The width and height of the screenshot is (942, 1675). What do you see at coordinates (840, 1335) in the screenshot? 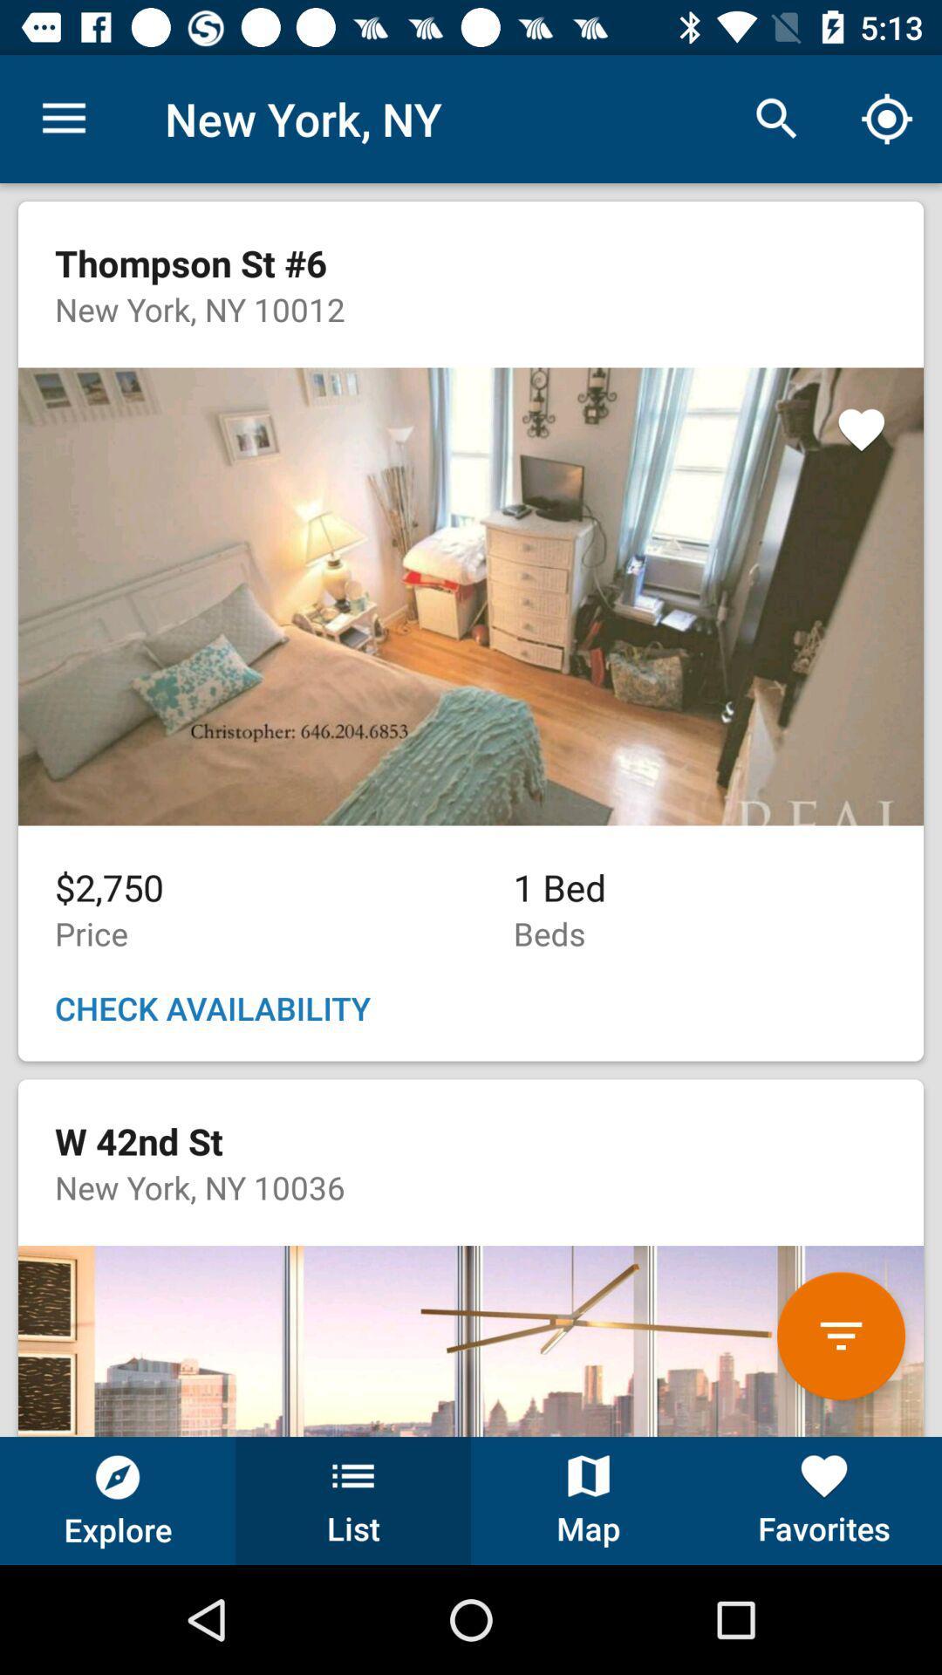
I see `the filter_list icon` at bounding box center [840, 1335].